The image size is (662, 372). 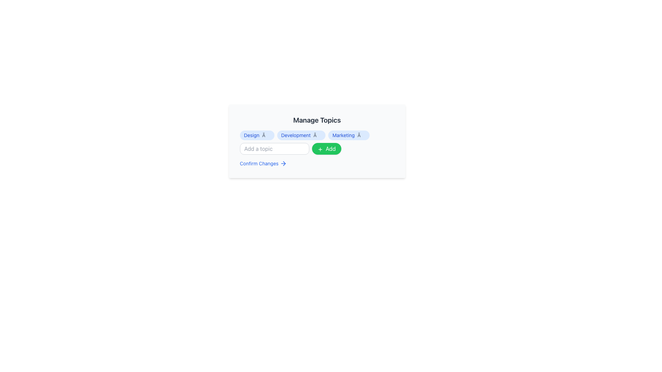 I want to click on the 'Marketing' tag which is the third tag in the topic tags section, displaying blue text on a light blue background, so click(x=343, y=135).